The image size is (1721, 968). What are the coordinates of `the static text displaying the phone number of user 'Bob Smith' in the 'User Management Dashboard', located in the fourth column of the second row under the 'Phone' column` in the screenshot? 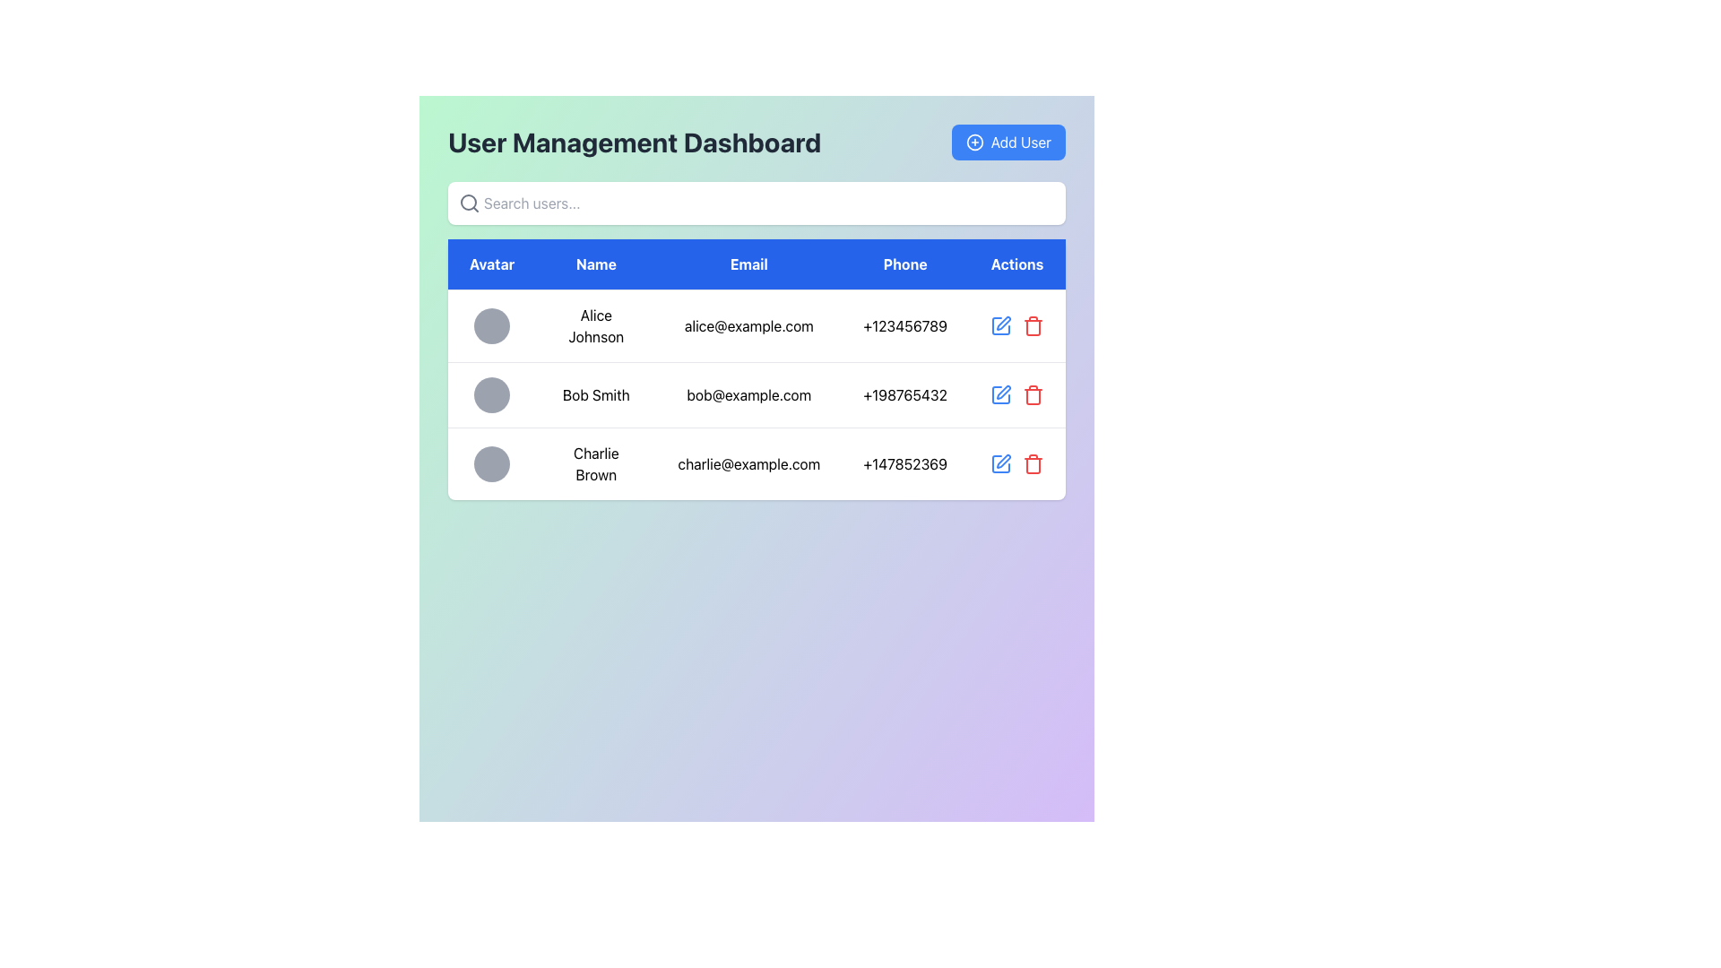 It's located at (905, 393).